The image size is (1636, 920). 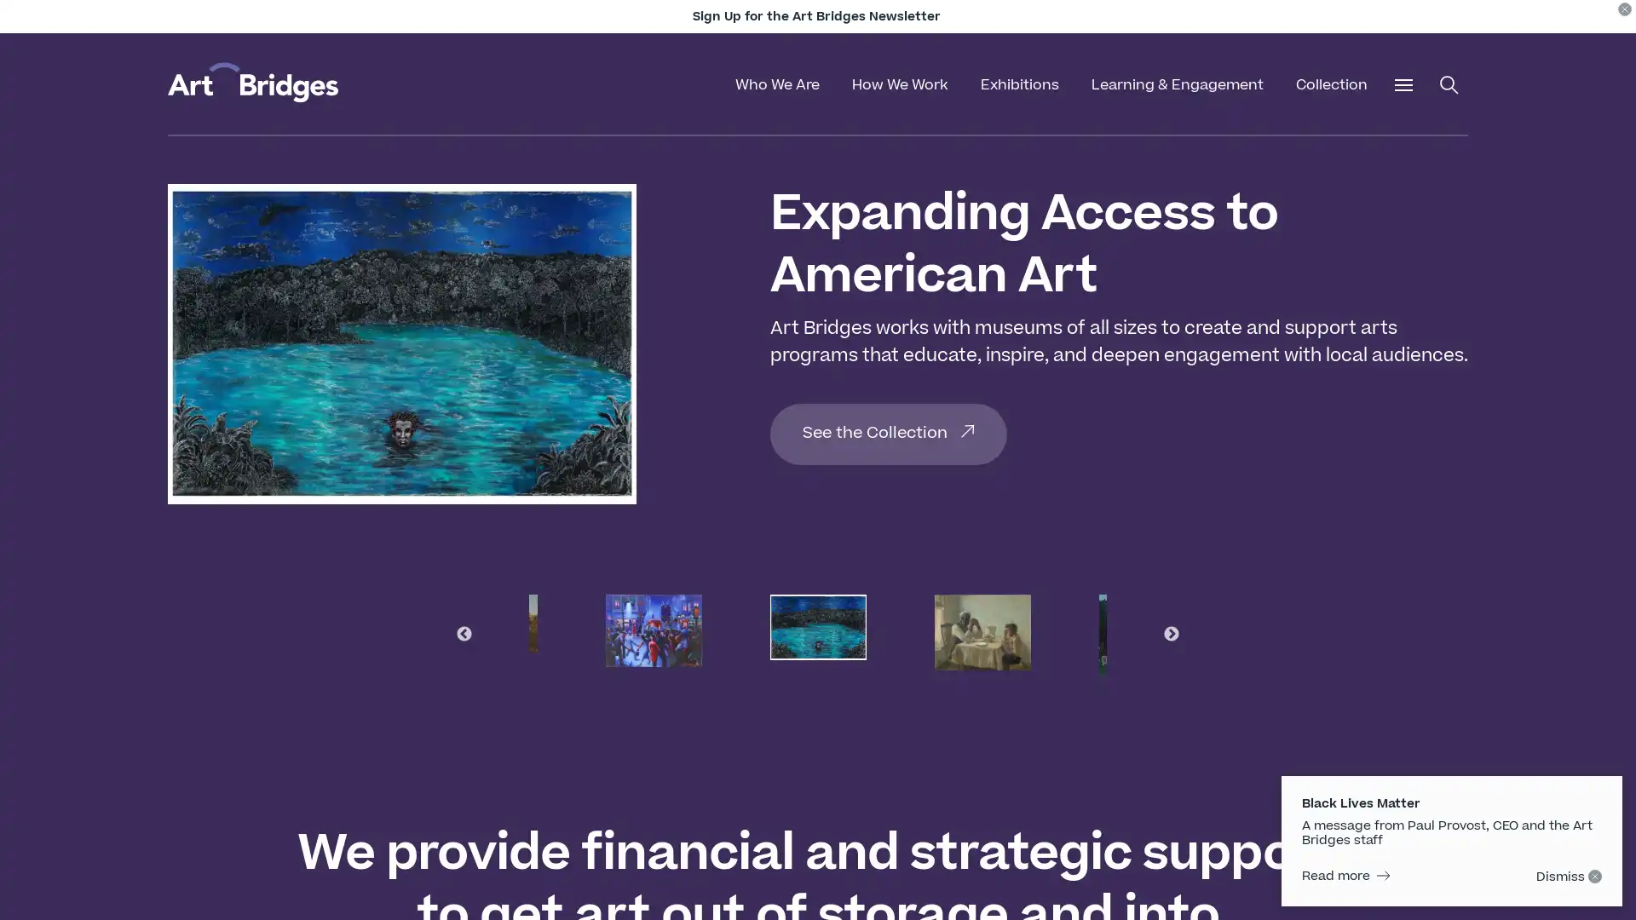 What do you see at coordinates (1170, 634) in the screenshot?
I see `Next` at bounding box center [1170, 634].